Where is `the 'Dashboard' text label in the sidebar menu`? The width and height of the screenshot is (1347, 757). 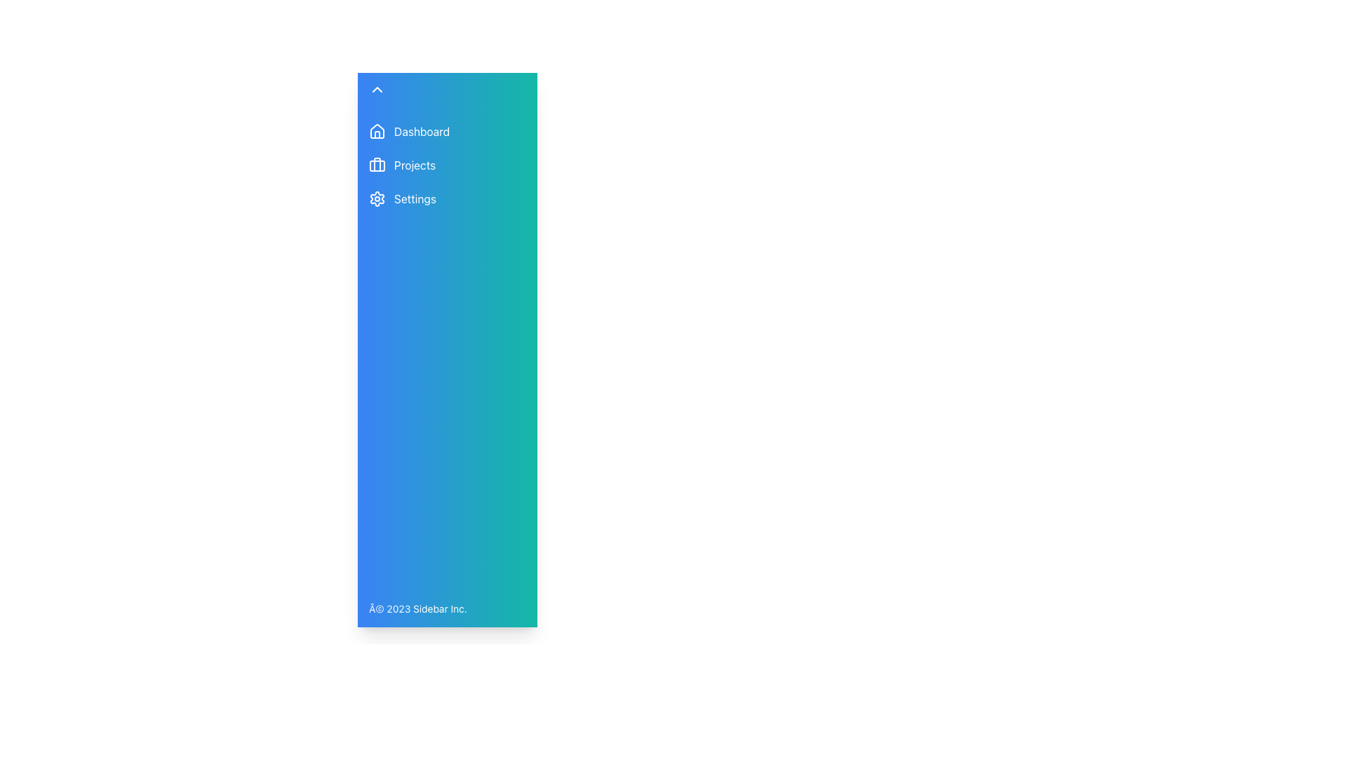
the 'Dashboard' text label in the sidebar menu is located at coordinates (421, 132).